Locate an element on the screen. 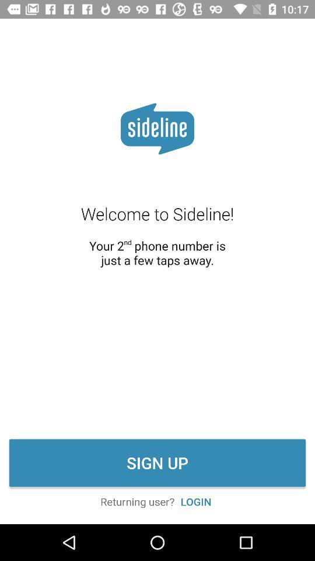  the icon next to returning user? item is located at coordinates (196, 501).